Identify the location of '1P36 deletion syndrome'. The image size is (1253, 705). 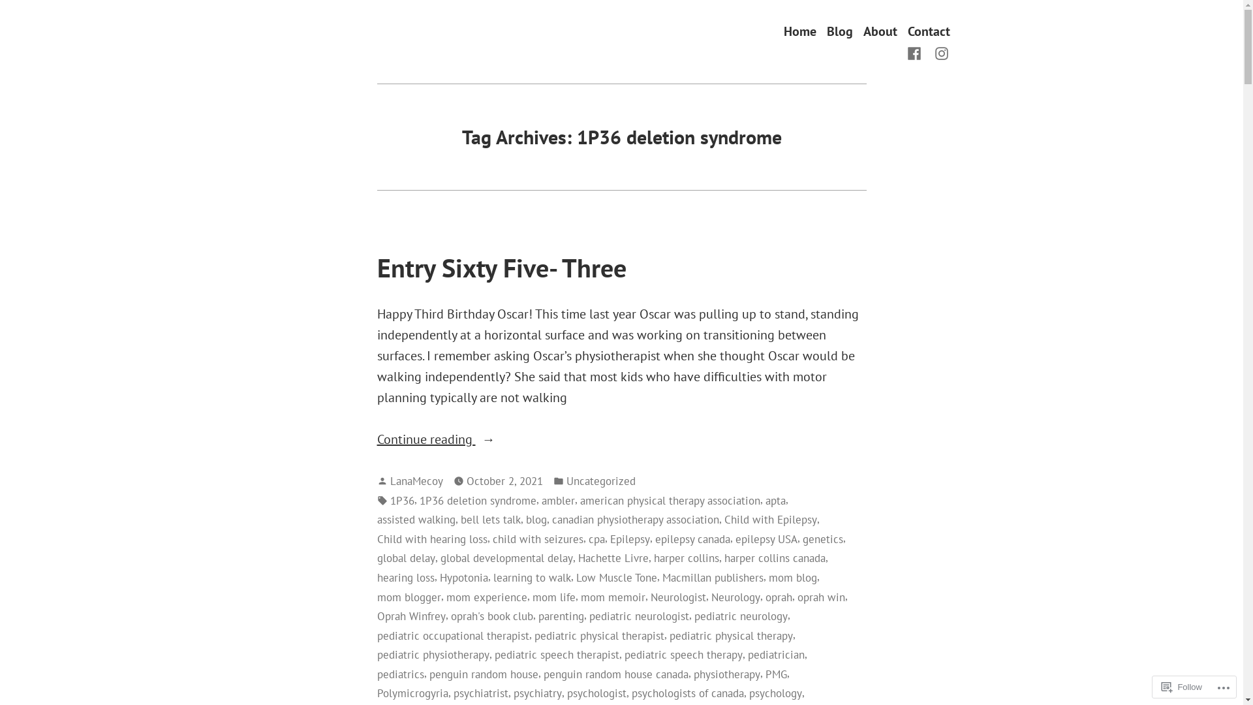
(419, 500).